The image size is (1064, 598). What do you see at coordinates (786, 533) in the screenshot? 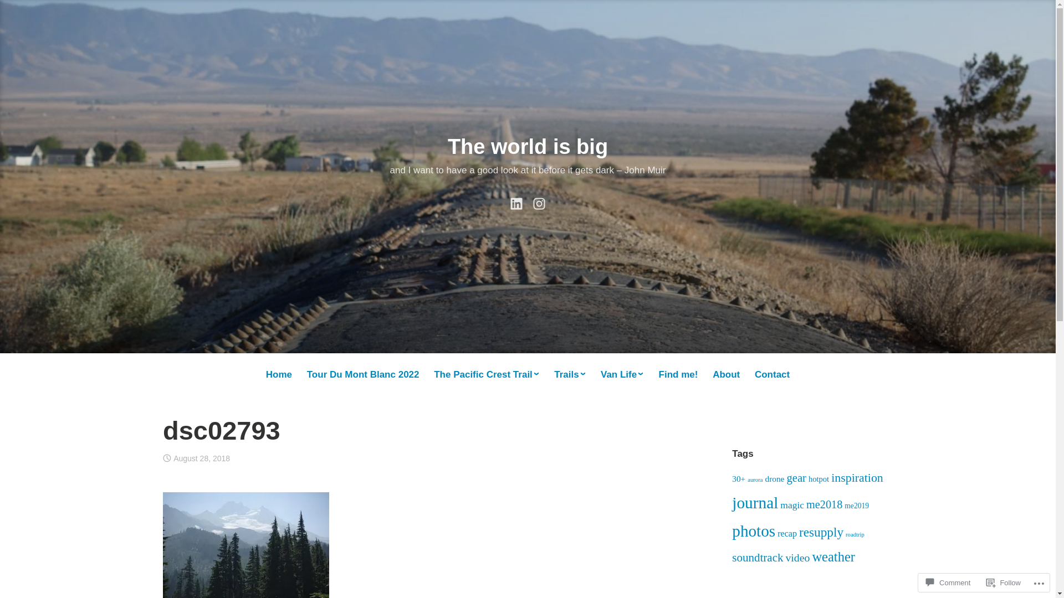
I see `'recap'` at bounding box center [786, 533].